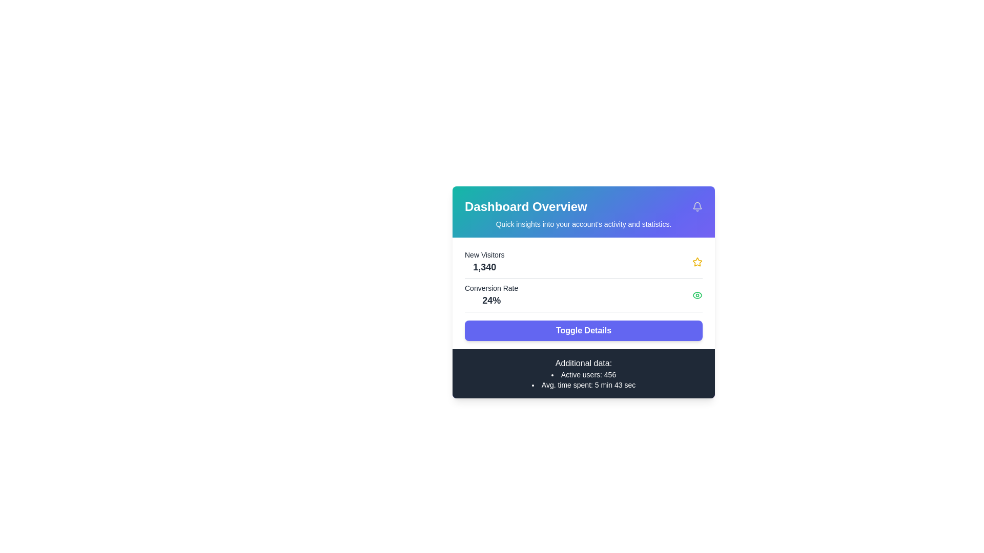 The width and height of the screenshot is (984, 553). I want to click on the visual indicator icon representing the importance or status of the 'New Visitors' metric, located to the right of the text '1,340', so click(697, 262).